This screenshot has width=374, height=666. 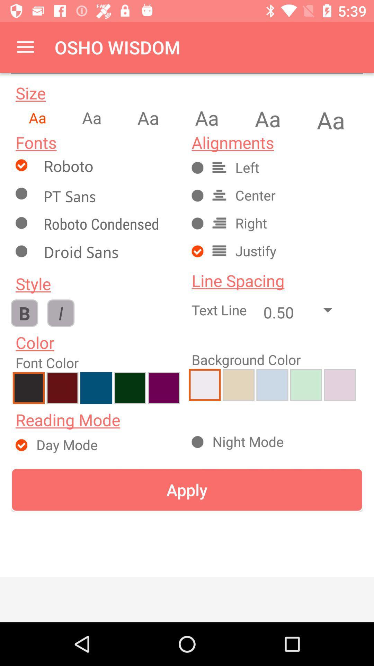 What do you see at coordinates (130, 387) in the screenshot?
I see `green font` at bounding box center [130, 387].